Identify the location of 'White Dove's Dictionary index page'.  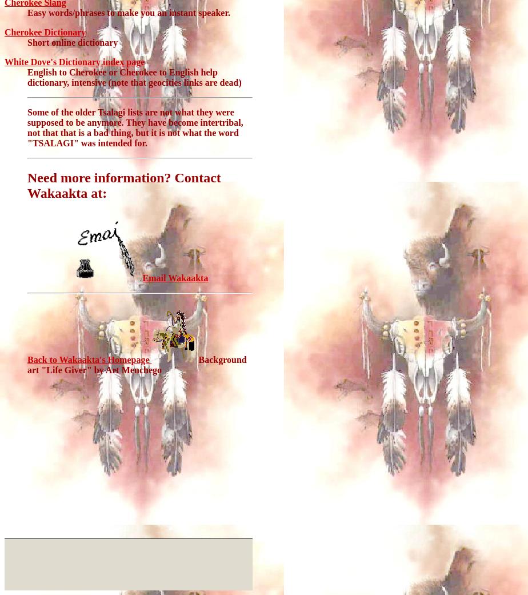
(74, 62).